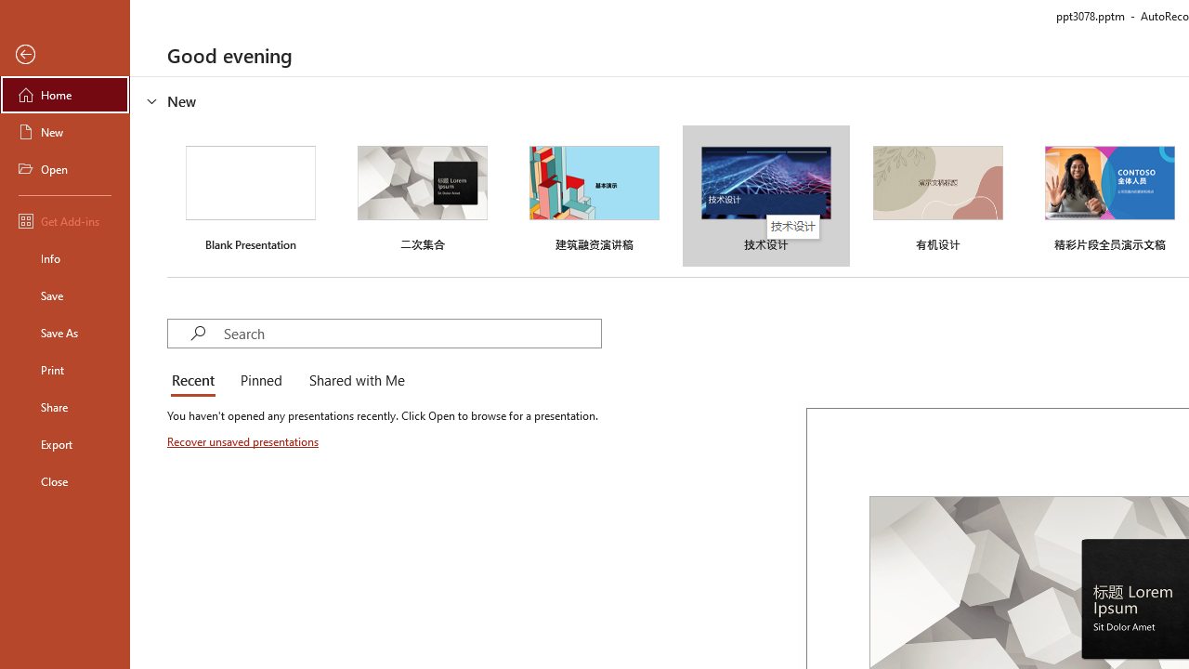  I want to click on 'Info', so click(64, 257).